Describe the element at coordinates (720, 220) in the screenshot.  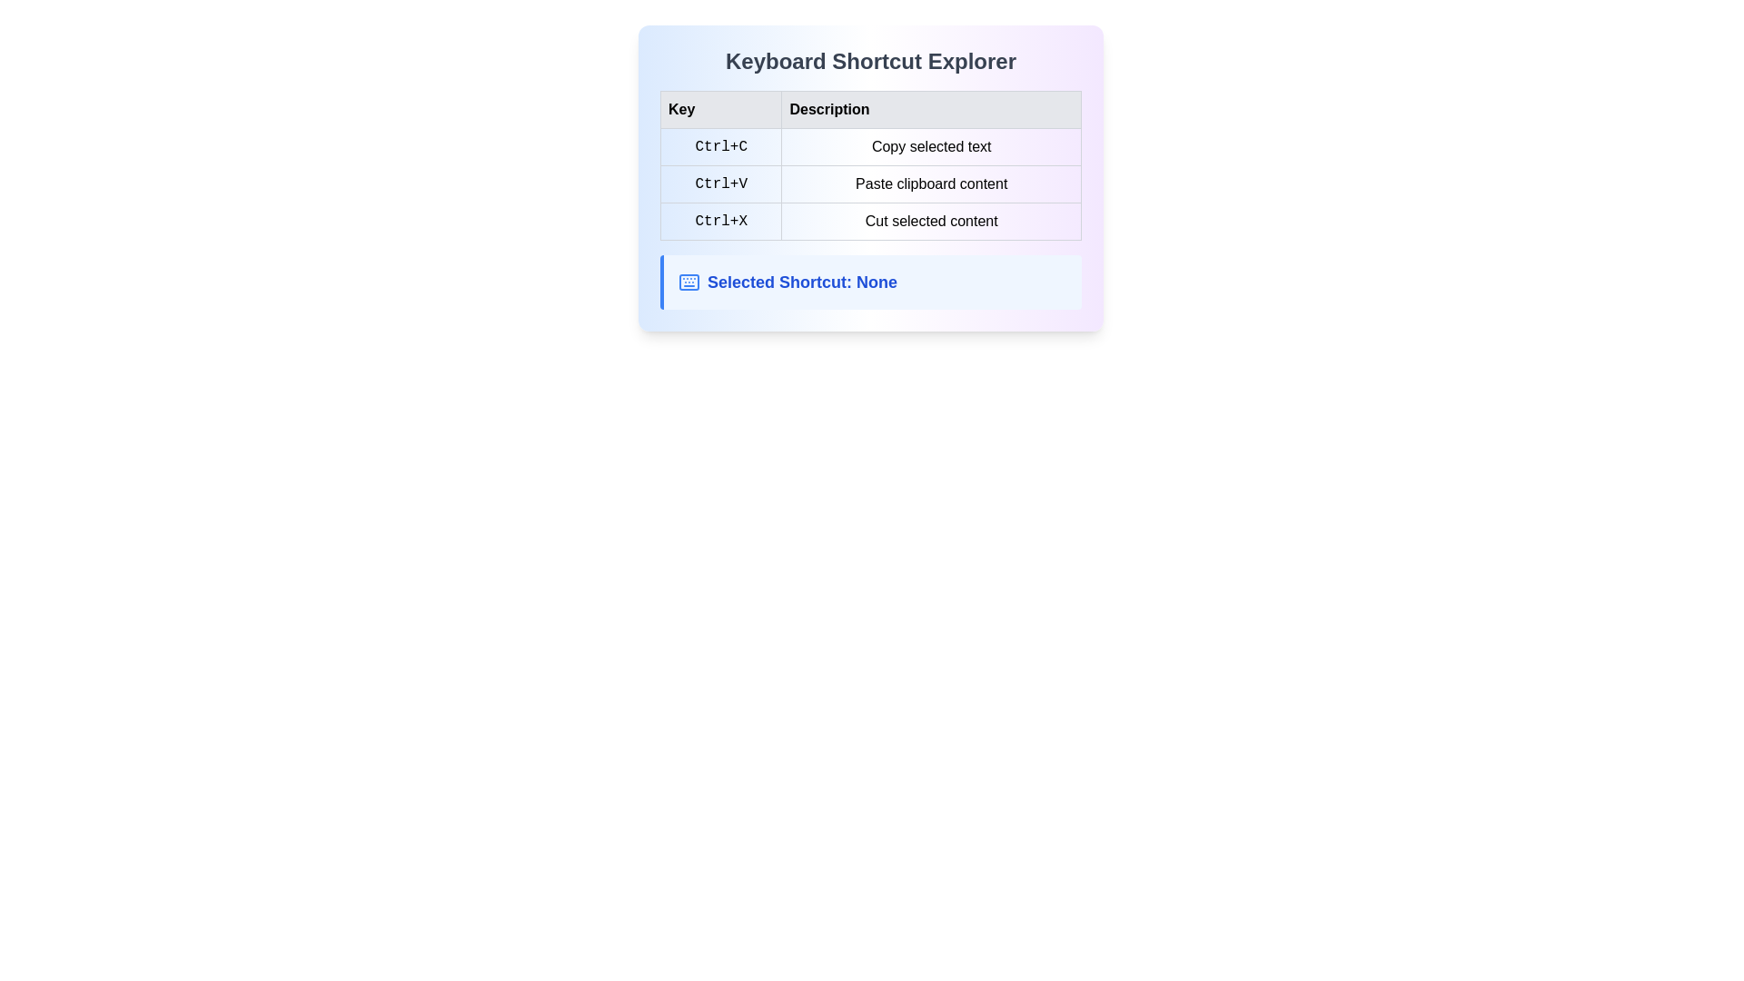
I see `the informational text label that represents the shortcut 'Ctrl+X' located in the 'Key' column of the grid layout, specifically in the third row from the top` at that location.